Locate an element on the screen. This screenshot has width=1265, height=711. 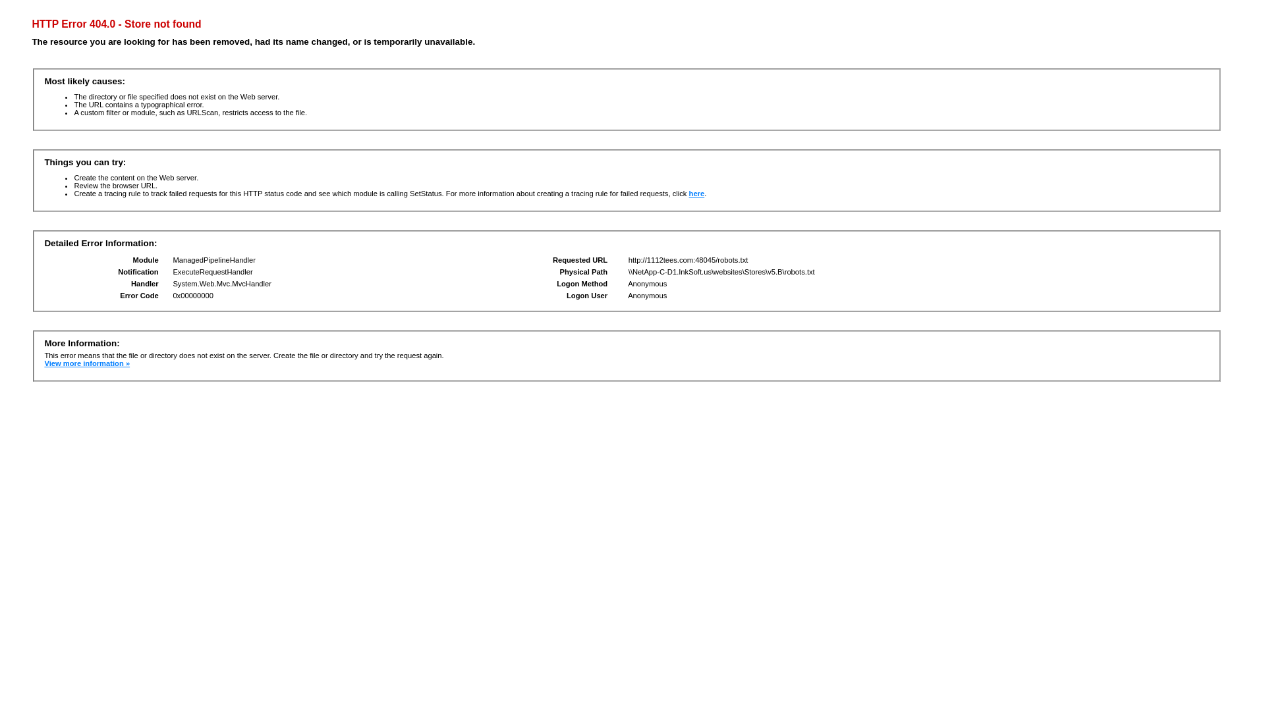
'here' is located at coordinates (696, 193).